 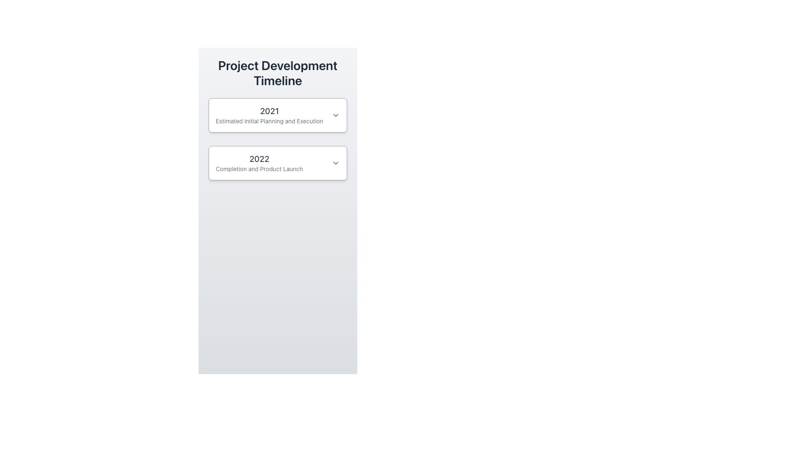 What do you see at coordinates (278, 163) in the screenshot?
I see `the collapsible list item for the '2022' project phase located under the 'Project Development Timeline' header` at bounding box center [278, 163].